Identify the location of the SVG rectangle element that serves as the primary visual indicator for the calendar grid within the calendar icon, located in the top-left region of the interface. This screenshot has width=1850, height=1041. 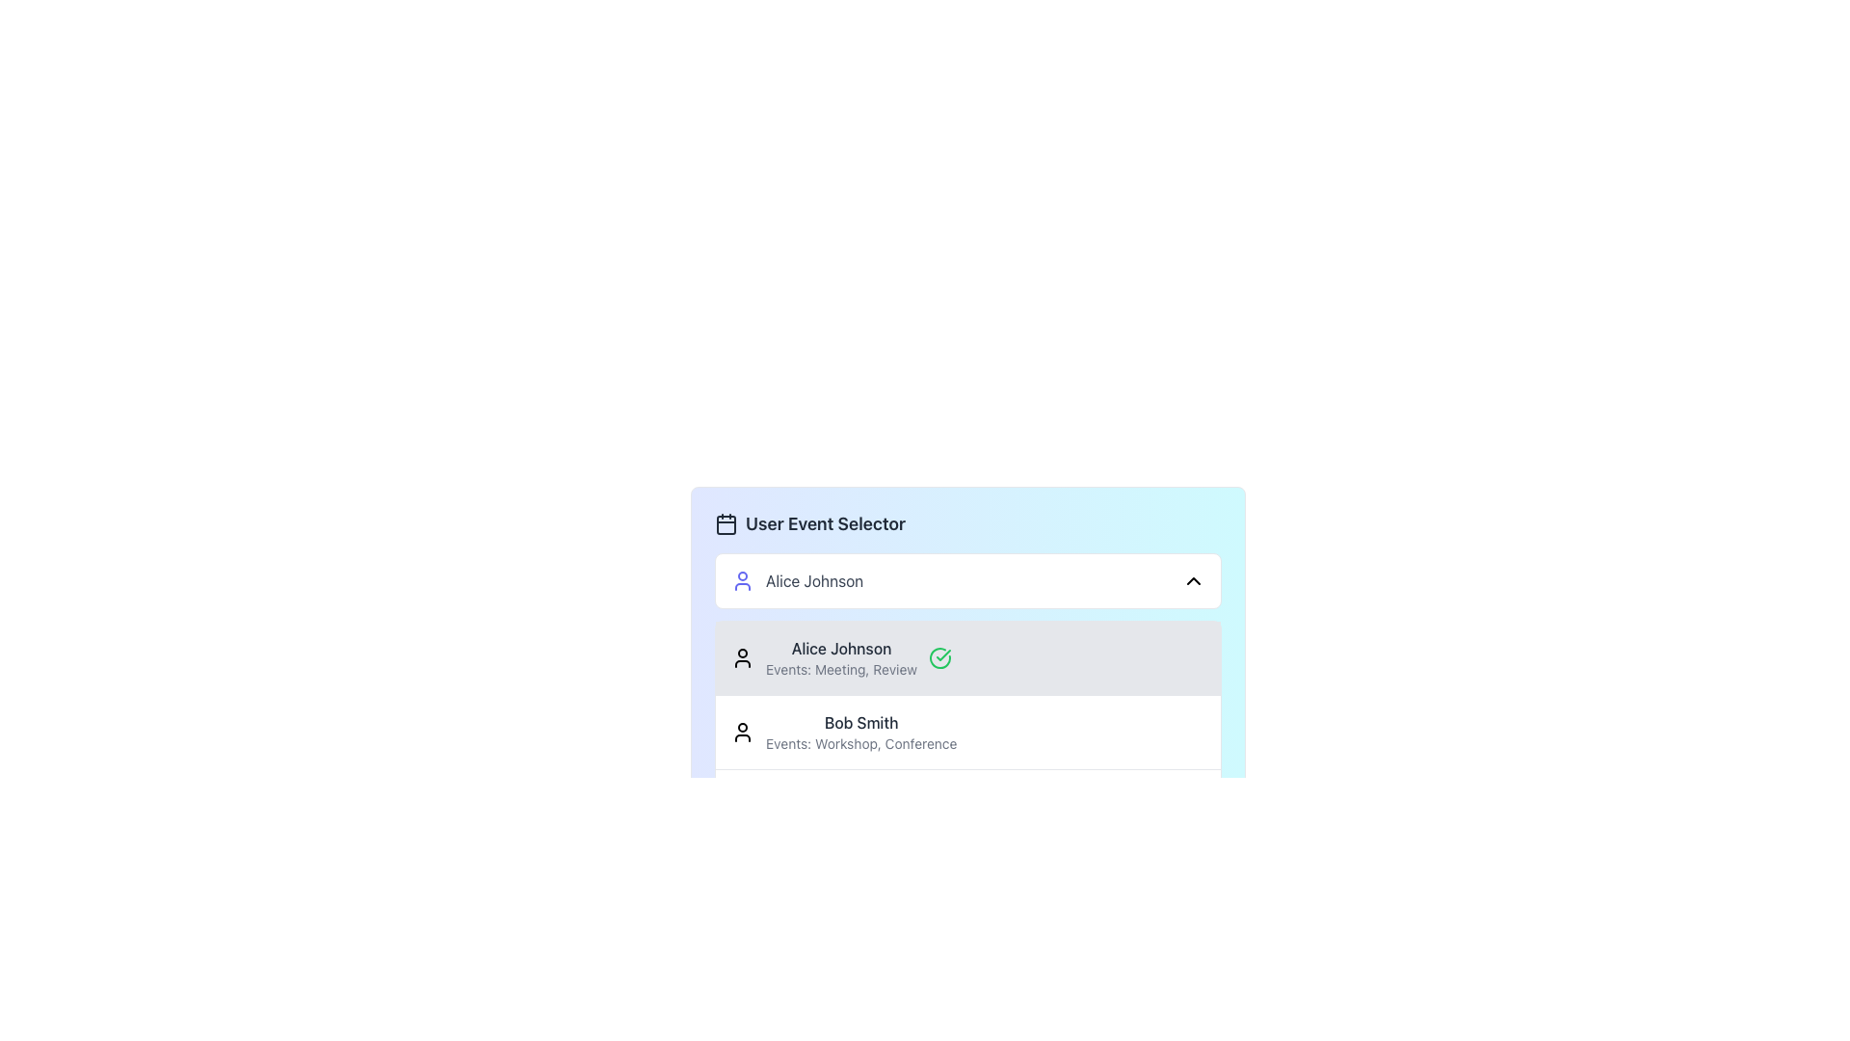
(725, 524).